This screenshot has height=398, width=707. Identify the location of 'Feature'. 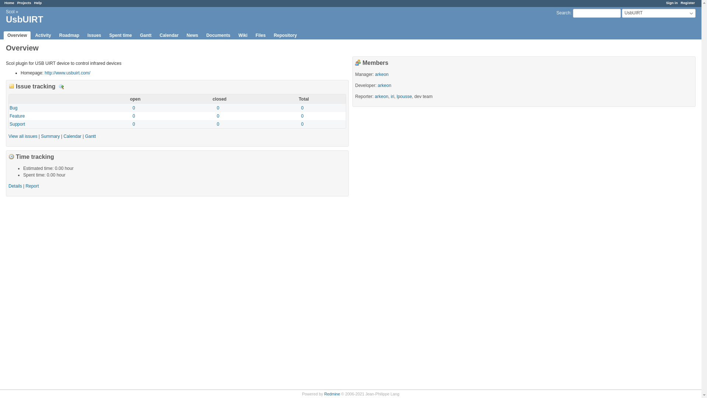
(17, 116).